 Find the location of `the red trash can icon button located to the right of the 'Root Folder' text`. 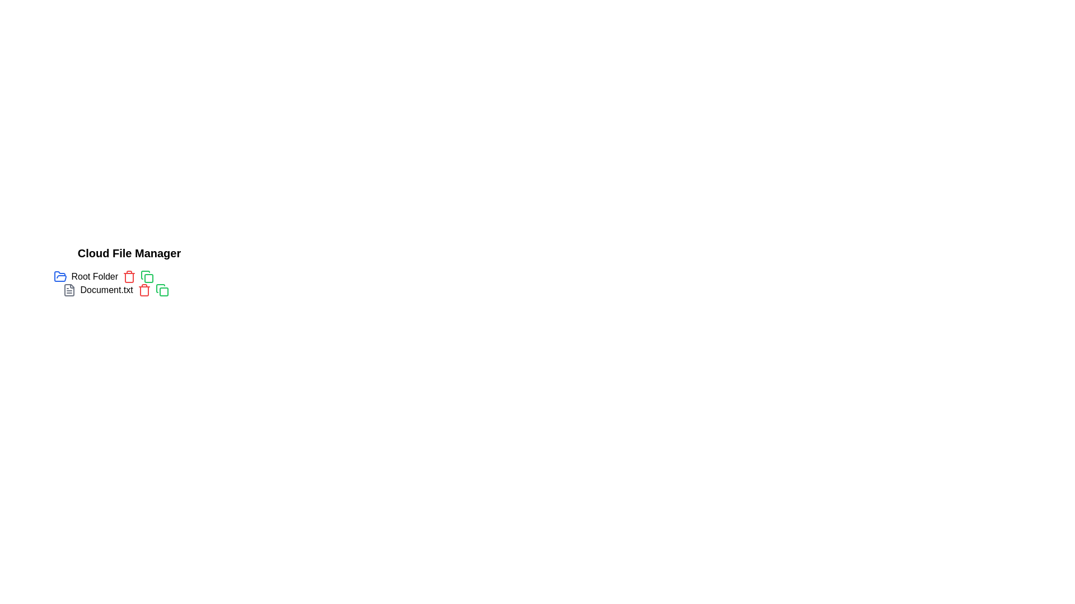

the red trash can icon button located to the right of the 'Root Folder' text is located at coordinates (129, 276).